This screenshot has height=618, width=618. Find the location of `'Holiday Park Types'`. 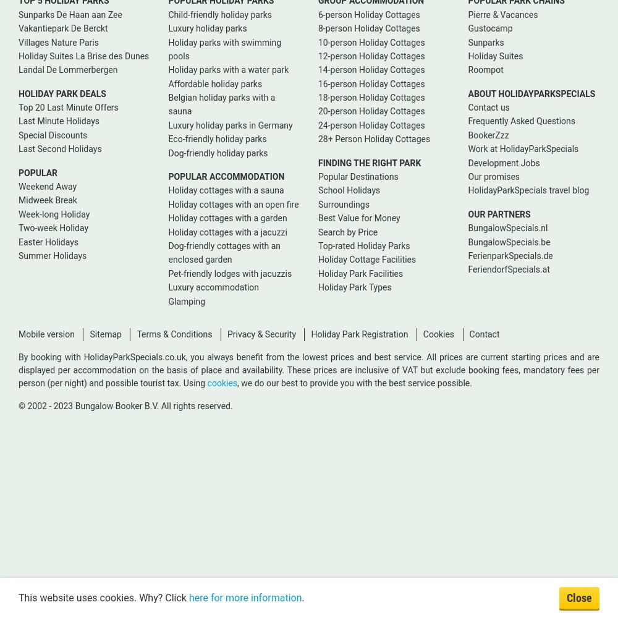

'Holiday Park Types' is located at coordinates (318, 287).